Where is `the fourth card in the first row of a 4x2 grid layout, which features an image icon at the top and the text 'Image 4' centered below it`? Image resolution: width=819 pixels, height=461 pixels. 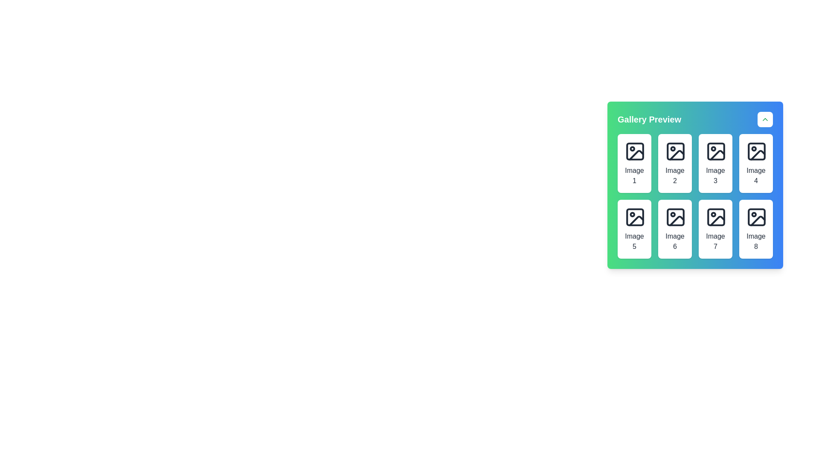 the fourth card in the first row of a 4x2 grid layout, which features an image icon at the top and the text 'Image 4' centered below it is located at coordinates (756, 163).